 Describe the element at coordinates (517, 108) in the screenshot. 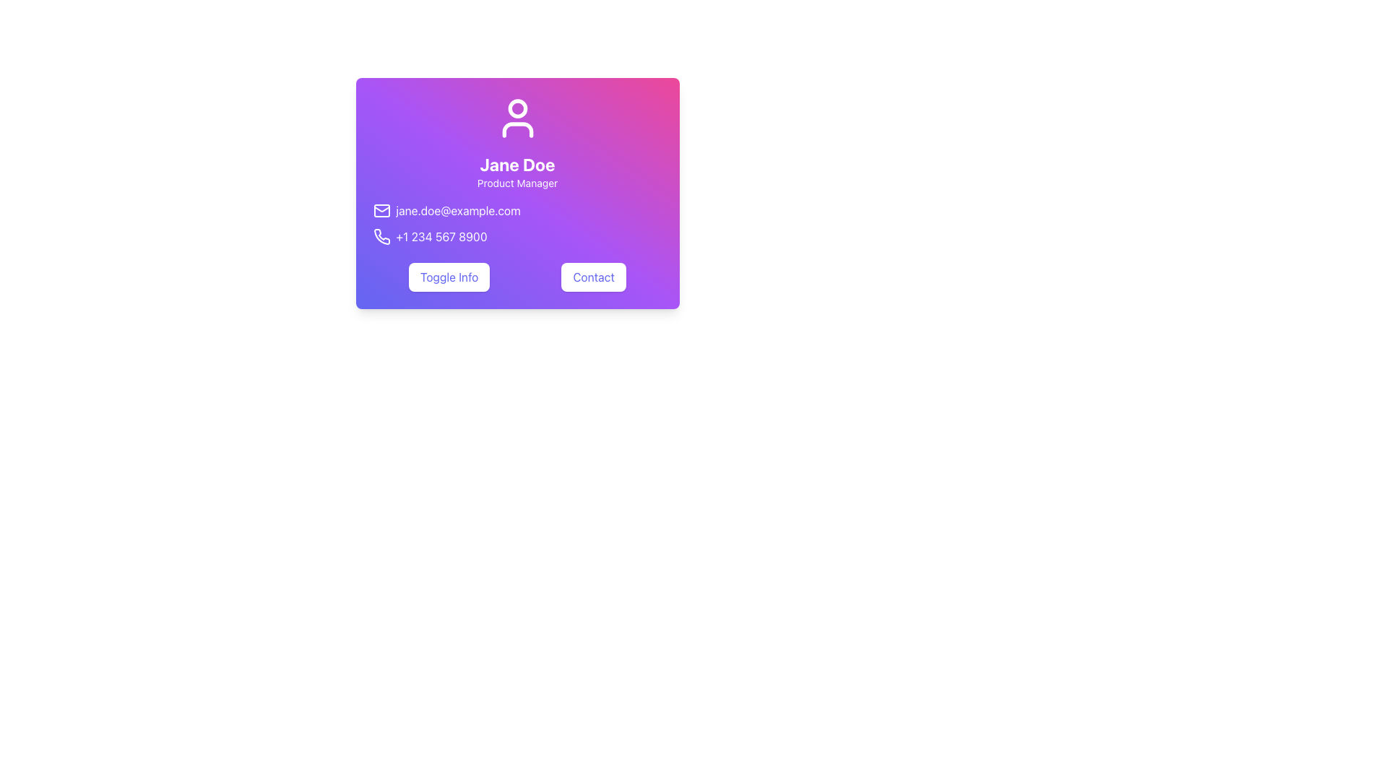

I see `the Circle SVG element that represents the user's head in the user icon, positioned at the top of the card near the center` at that location.